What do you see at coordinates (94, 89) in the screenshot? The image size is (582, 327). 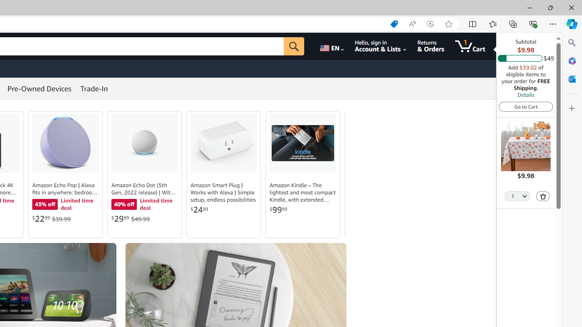 I see `'Trade-In'` at bounding box center [94, 89].